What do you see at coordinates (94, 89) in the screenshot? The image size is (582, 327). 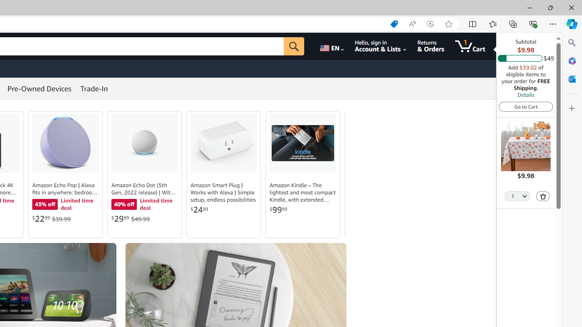 I see `'Trade-In'` at bounding box center [94, 89].